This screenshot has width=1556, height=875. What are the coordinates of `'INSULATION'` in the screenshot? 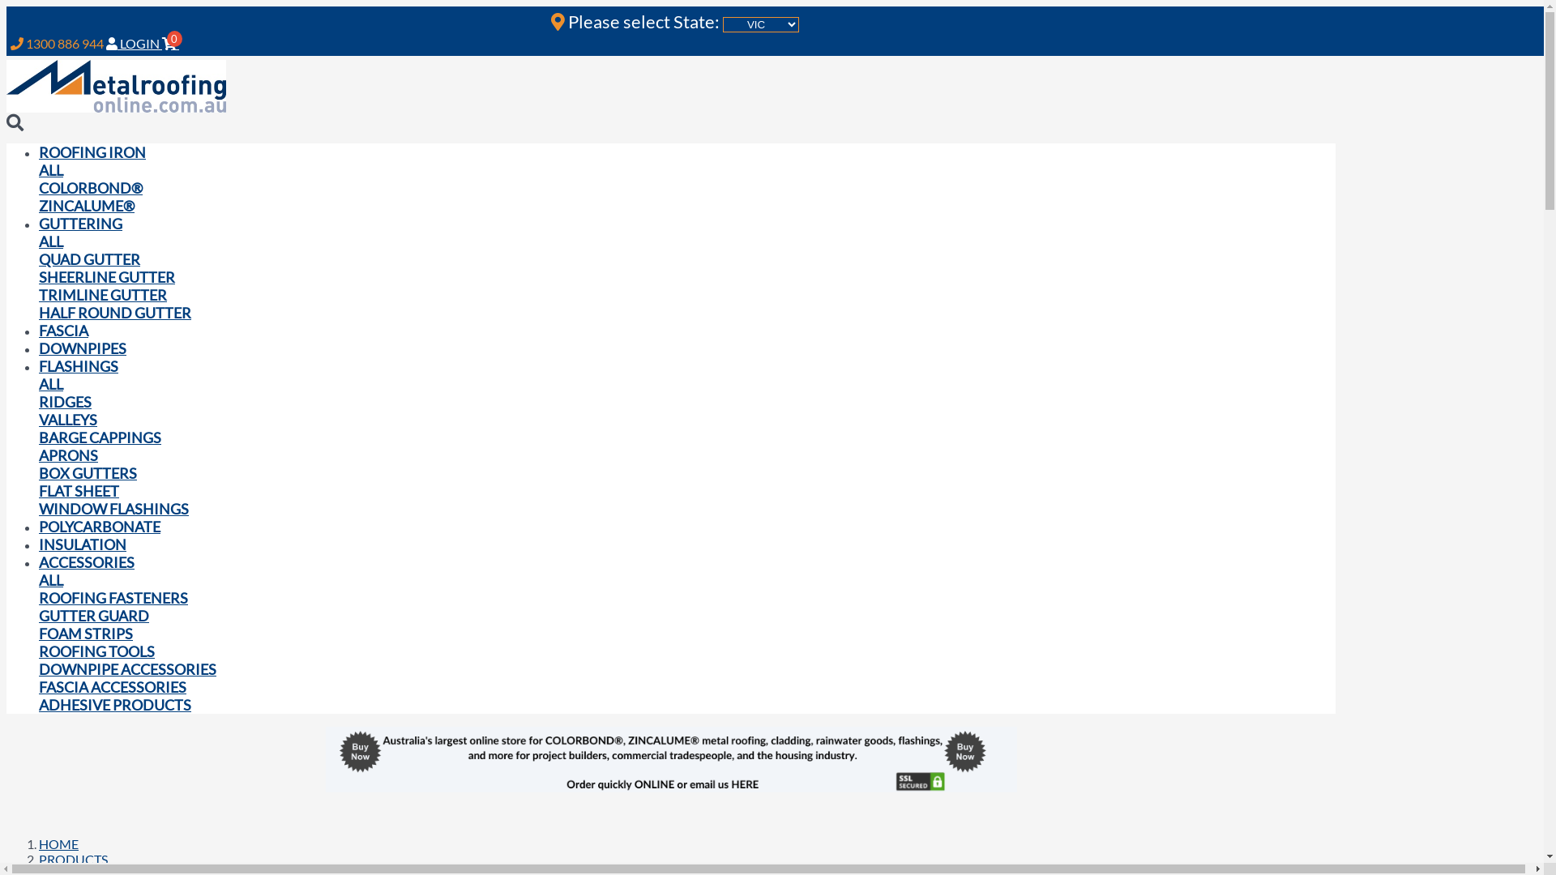 It's located at (81, 544).